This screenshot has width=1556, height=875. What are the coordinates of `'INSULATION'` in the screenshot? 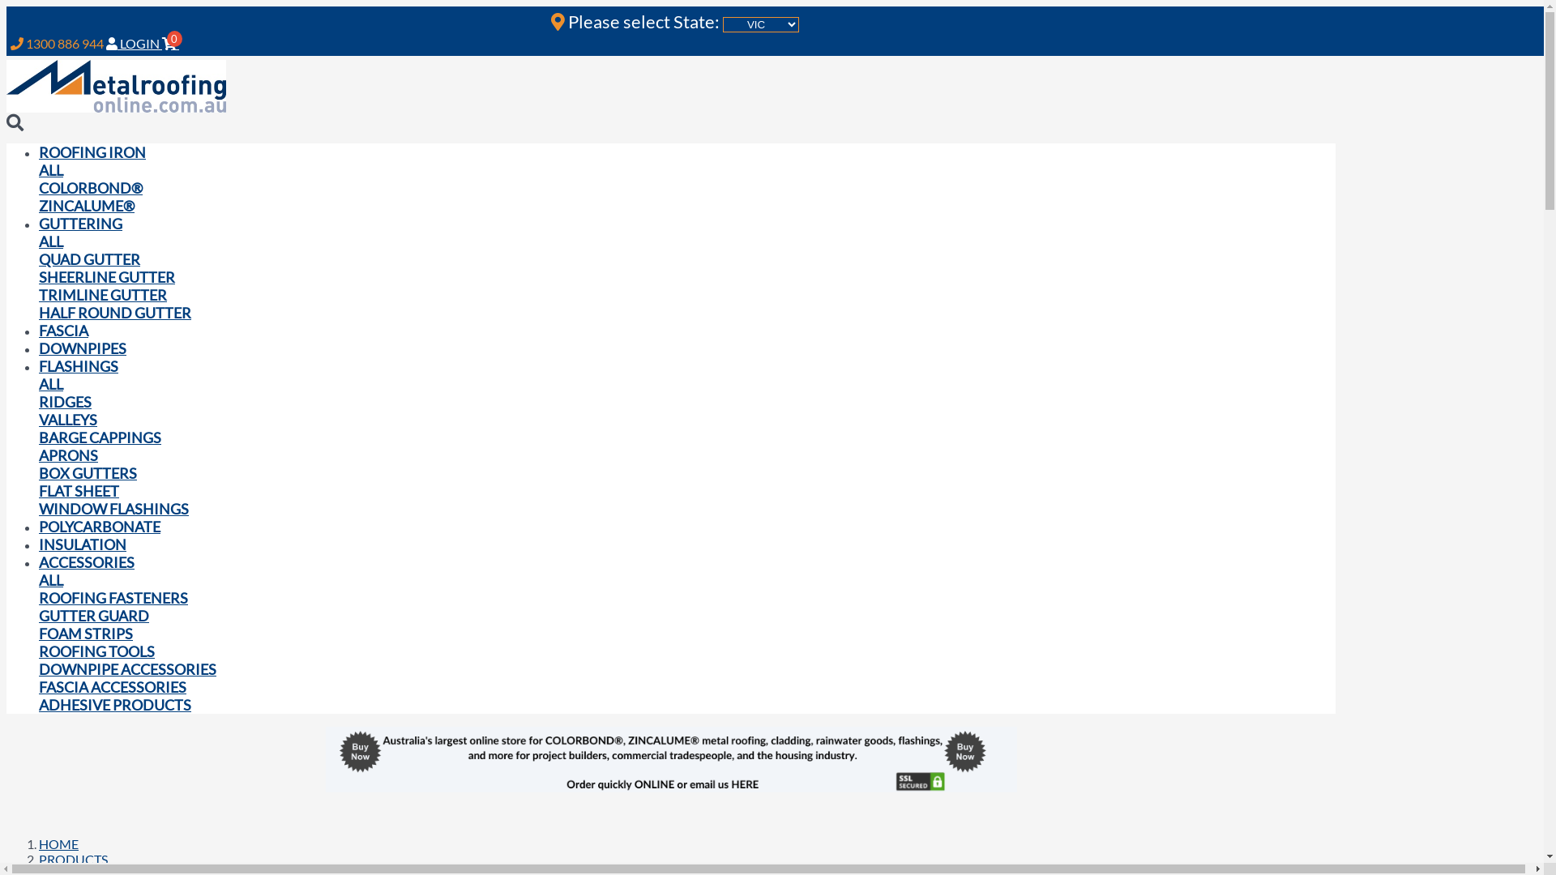 It's located at (81, 544).